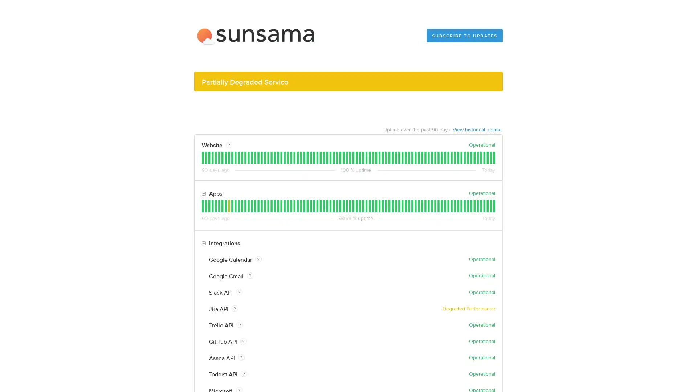 Image resolution: width=697 pixels, height=392 pixels. I want to click on Toggle Apps, so click(203, 193).